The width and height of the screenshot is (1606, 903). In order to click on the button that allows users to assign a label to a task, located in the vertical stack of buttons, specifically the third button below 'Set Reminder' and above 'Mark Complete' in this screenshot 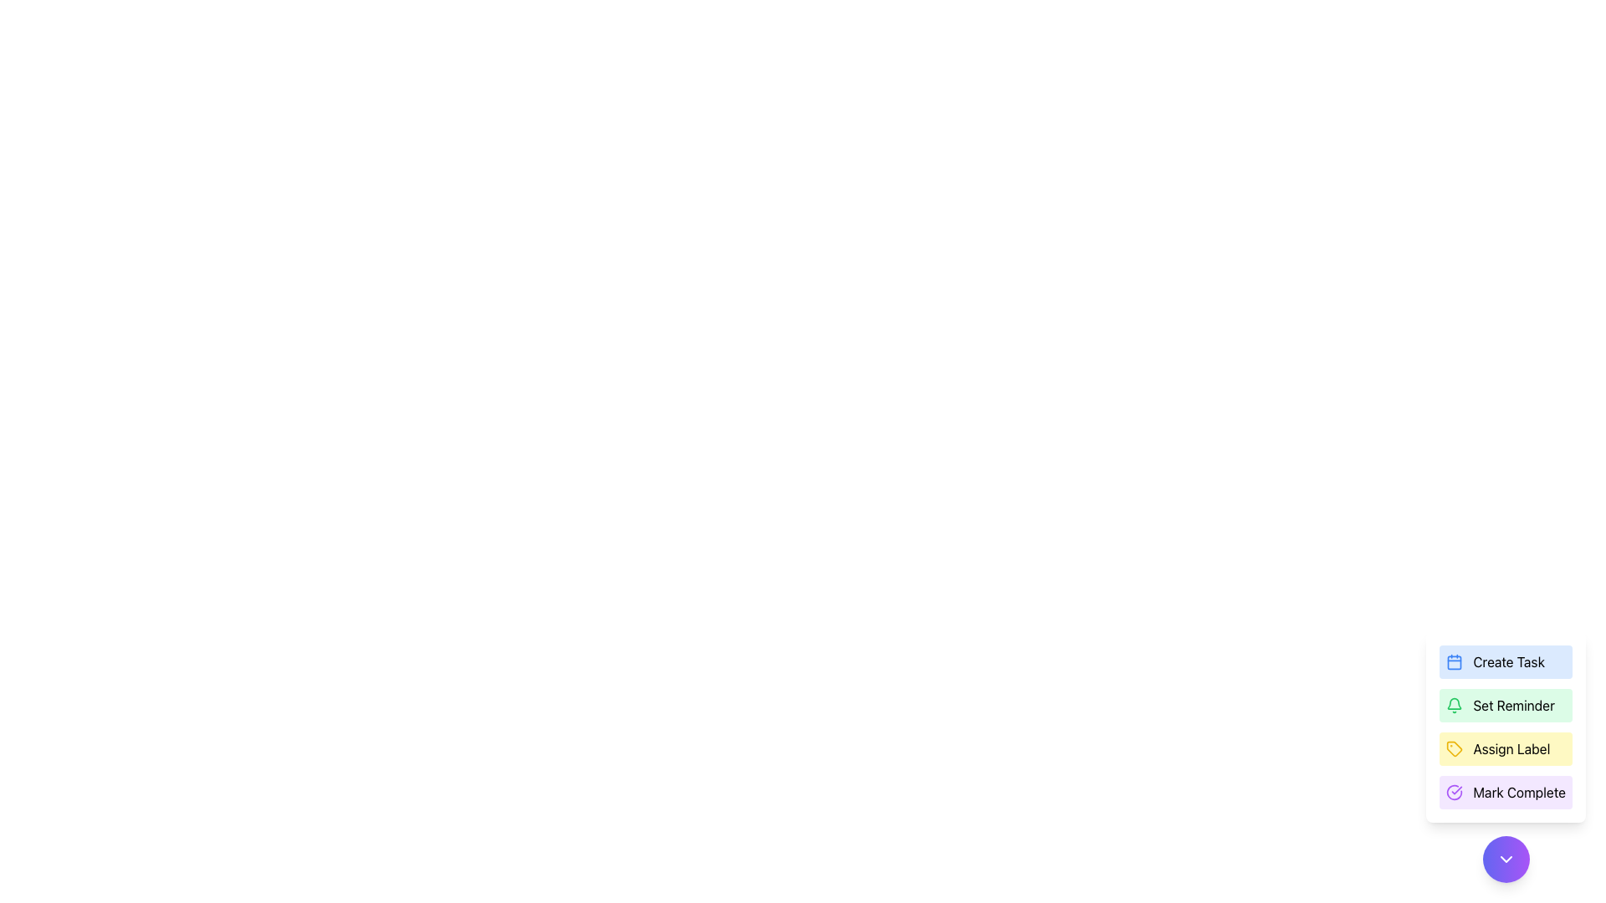, I will do `click(1506, 747)`.